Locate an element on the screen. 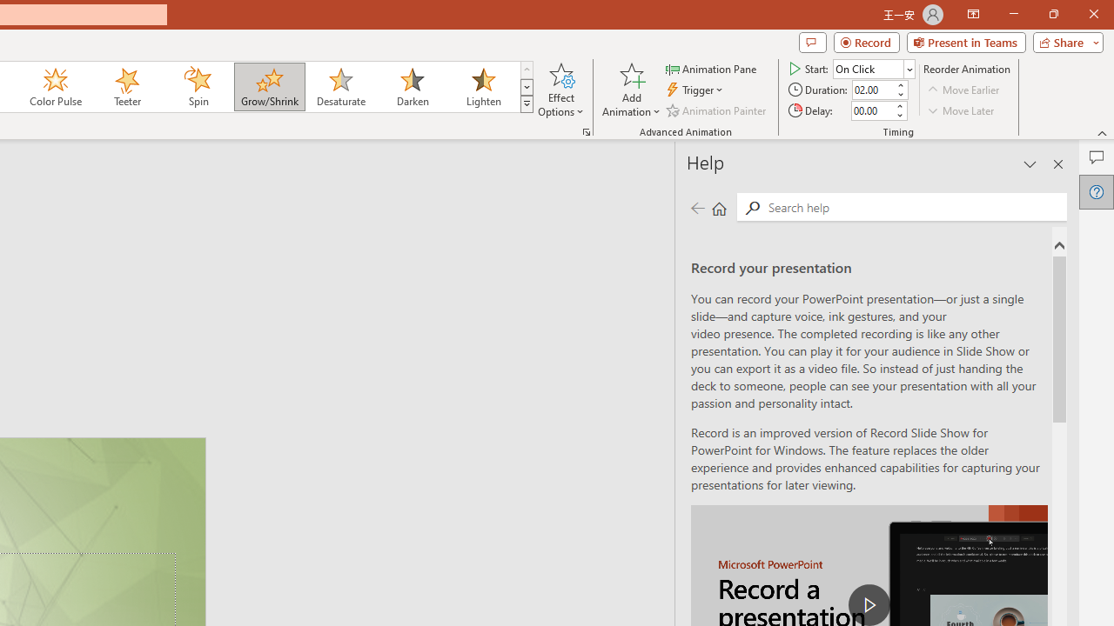 This screenshot has width=1114, height=626. 'Move Earlier' is located at coordinates (963, 90).